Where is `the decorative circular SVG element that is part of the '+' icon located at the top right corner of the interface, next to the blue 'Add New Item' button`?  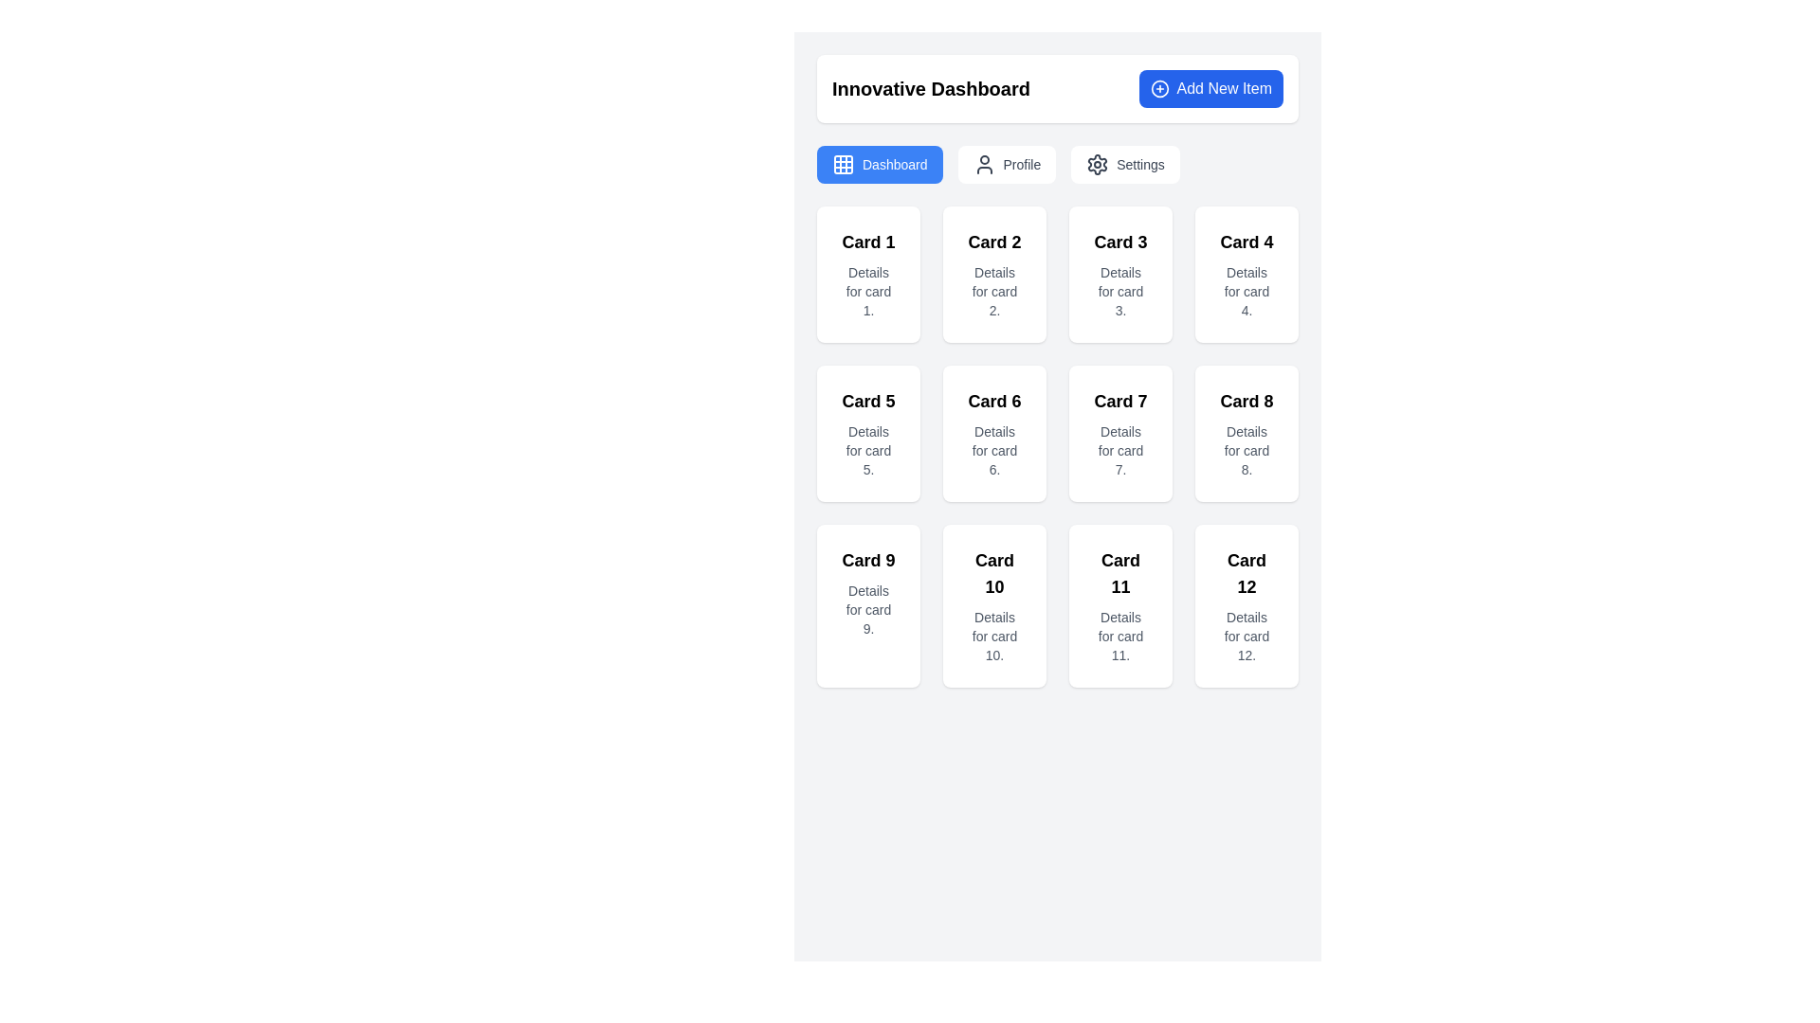 the decorative circular SVG element that is part of the '+' icon located at the top right corner of the interface, next to the blue 'Add New Item' button is located at coordinates (1158, 88).